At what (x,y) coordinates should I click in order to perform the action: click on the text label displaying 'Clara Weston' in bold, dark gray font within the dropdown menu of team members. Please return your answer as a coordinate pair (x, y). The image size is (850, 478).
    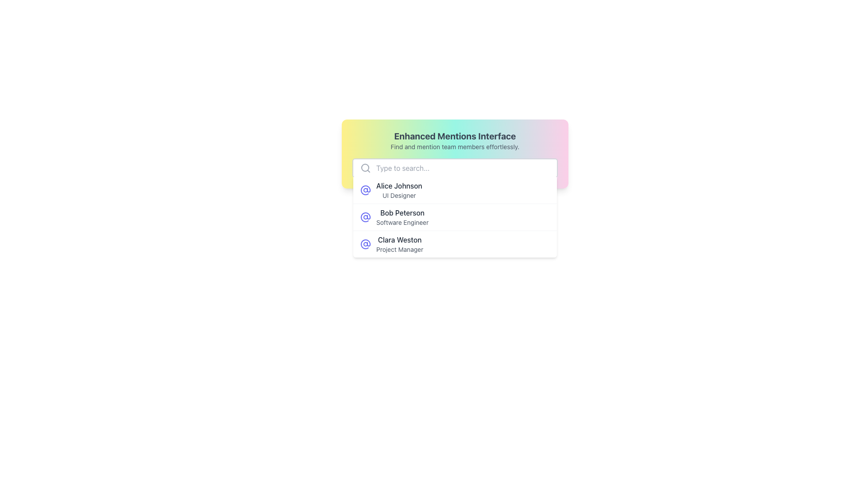
    Looking at the image, I should click on (399, 240).